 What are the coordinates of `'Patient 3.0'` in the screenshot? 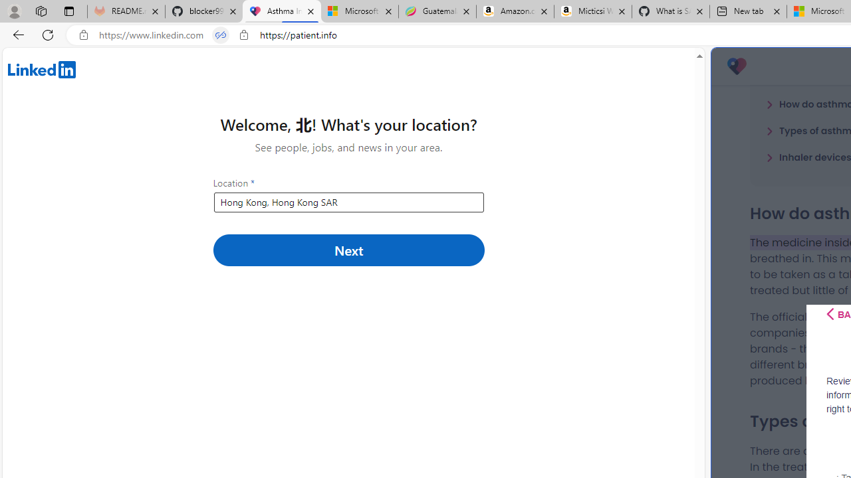 It's located at (736, 66).